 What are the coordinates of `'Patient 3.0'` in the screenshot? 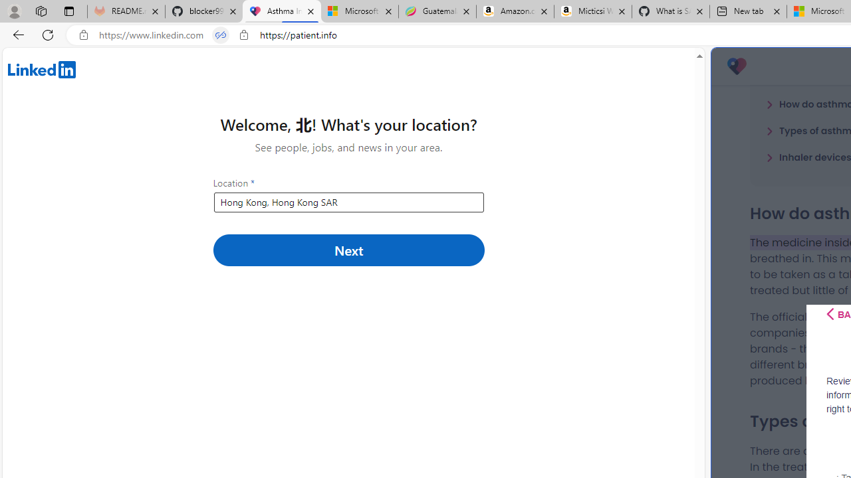 It's located at (736, 66).